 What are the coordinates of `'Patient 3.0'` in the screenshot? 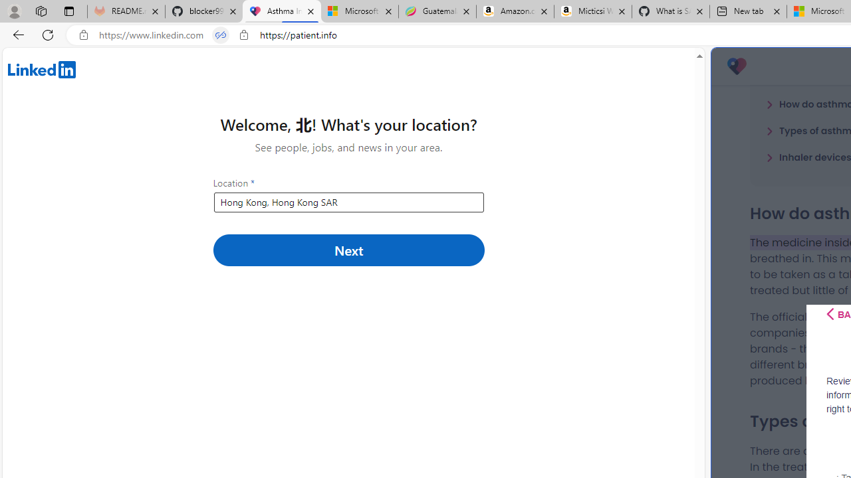 It's located at (736, 66).